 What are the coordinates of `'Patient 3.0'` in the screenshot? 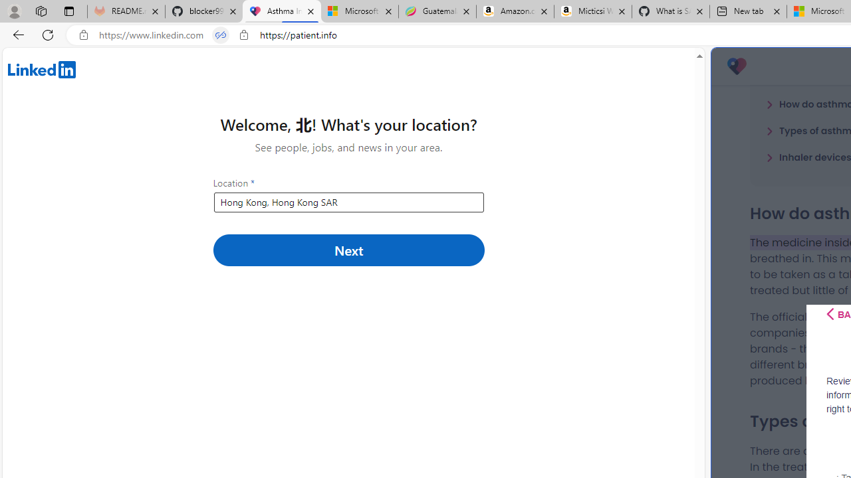 It's located at (736, 66).